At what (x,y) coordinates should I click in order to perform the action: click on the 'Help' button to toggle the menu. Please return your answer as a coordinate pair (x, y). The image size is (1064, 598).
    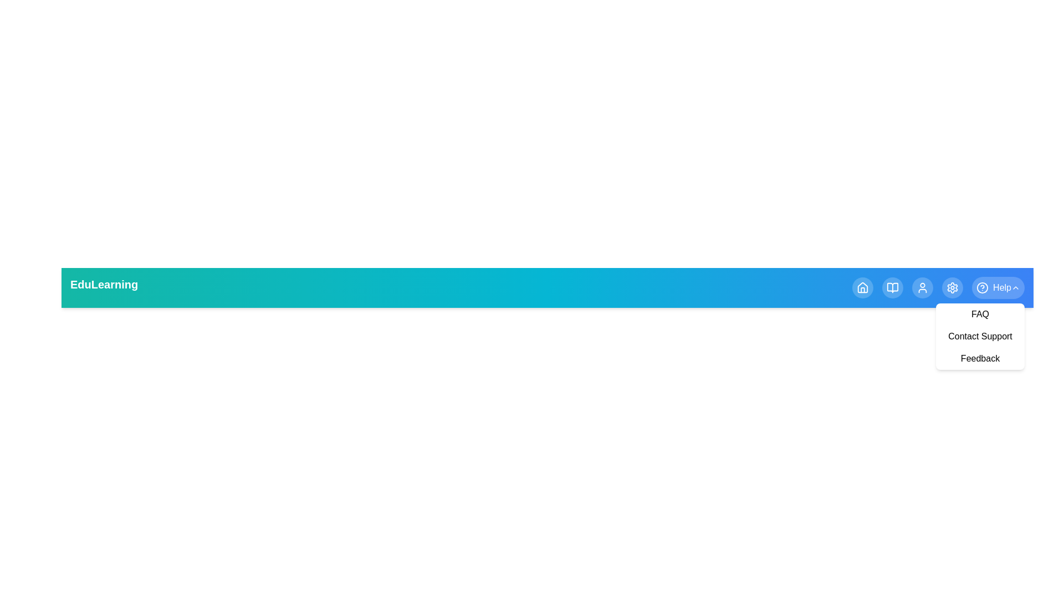
    Looking at the image, I should click on (997, 287).